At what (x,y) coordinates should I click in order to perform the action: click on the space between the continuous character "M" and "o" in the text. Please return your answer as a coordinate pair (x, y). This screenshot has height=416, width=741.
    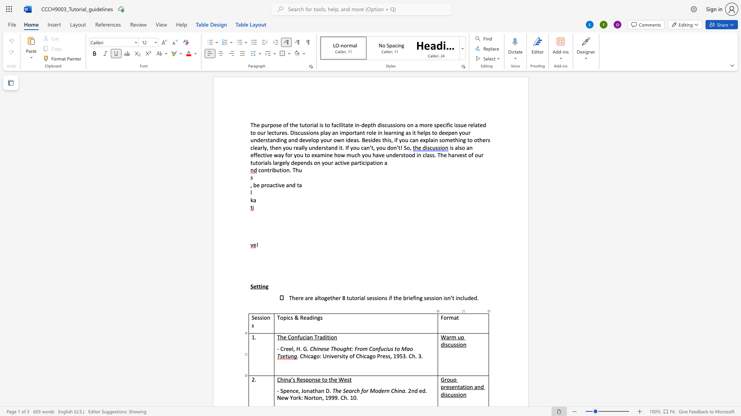
    Looking at the image, I should click on (374, 391).